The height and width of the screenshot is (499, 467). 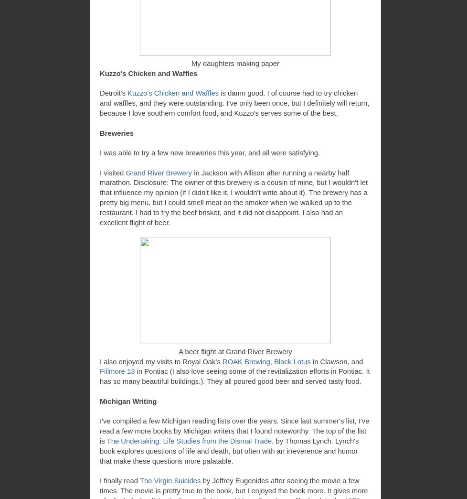 What do you see at coordinates (337, 361) in the screenshot?
I see `'in Clawson, and'` at bounding box center [337, 361].